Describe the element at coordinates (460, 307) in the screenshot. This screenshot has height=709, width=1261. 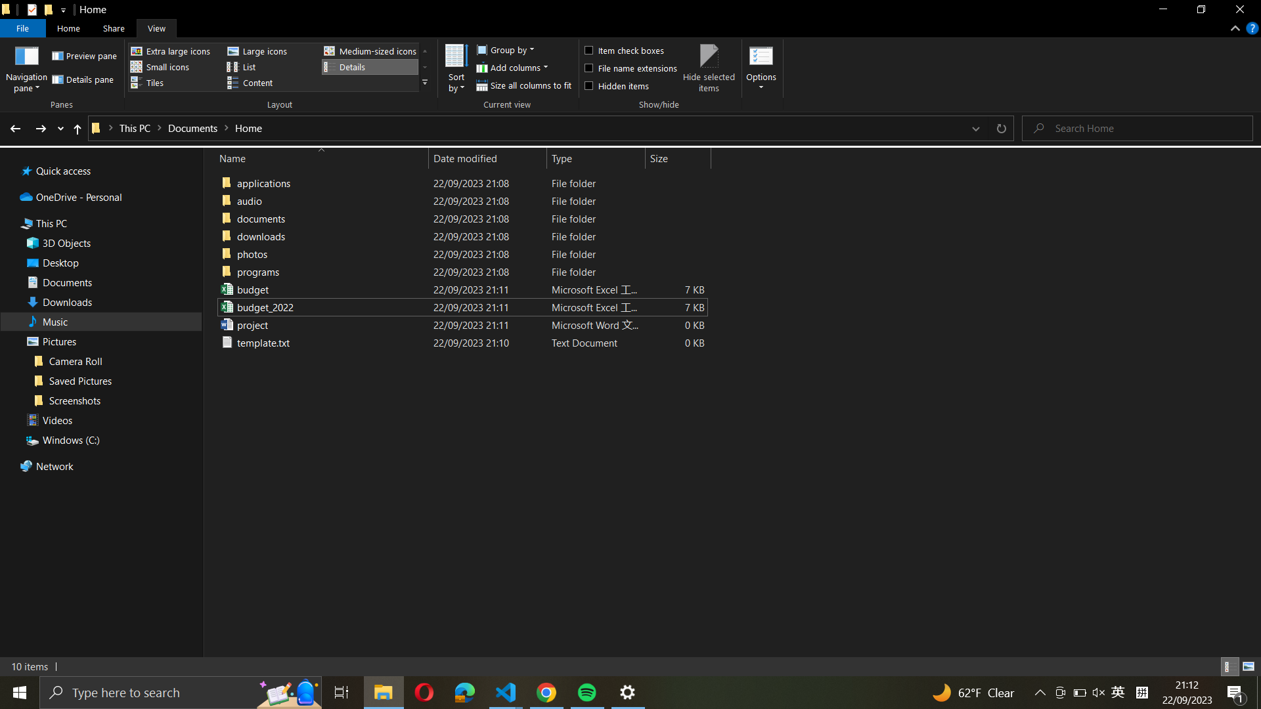
I see `the "budget_2022_excel_file" using the default program for Excel files` at that location.